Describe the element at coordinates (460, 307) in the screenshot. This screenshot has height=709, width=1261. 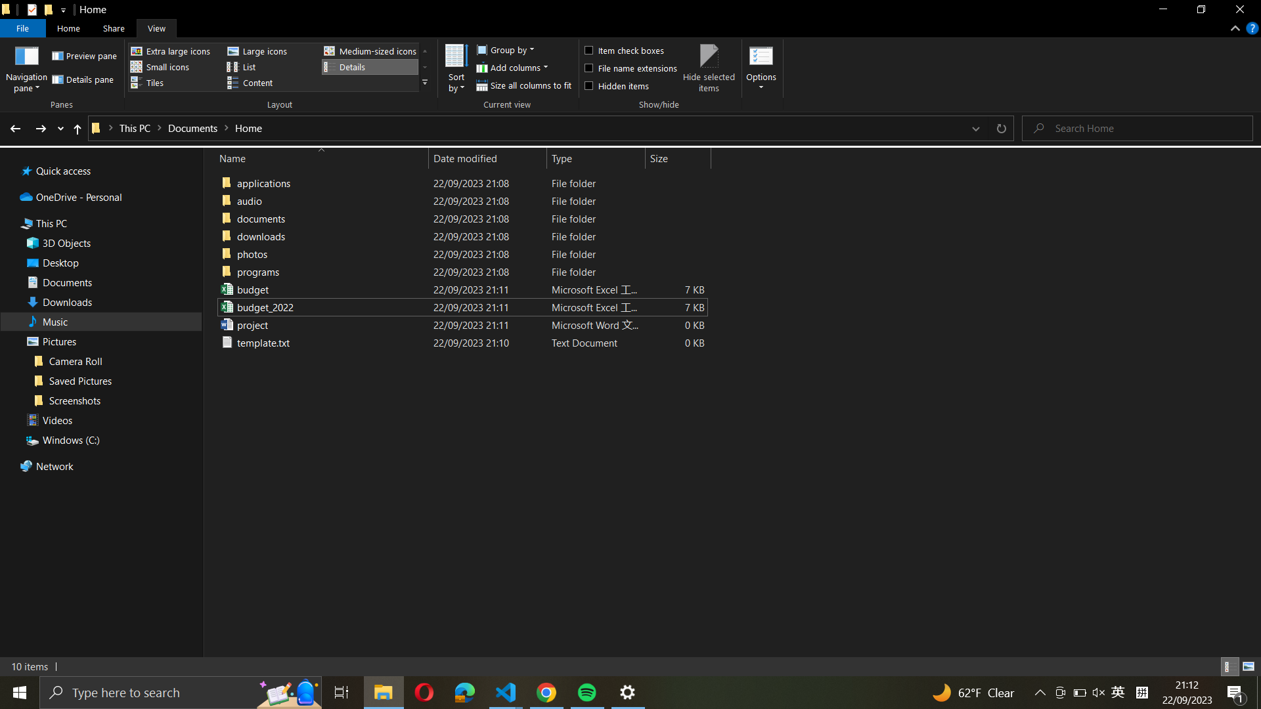
I see `the "budget_2022_excel_file" using the default program for Excel files` at that location.